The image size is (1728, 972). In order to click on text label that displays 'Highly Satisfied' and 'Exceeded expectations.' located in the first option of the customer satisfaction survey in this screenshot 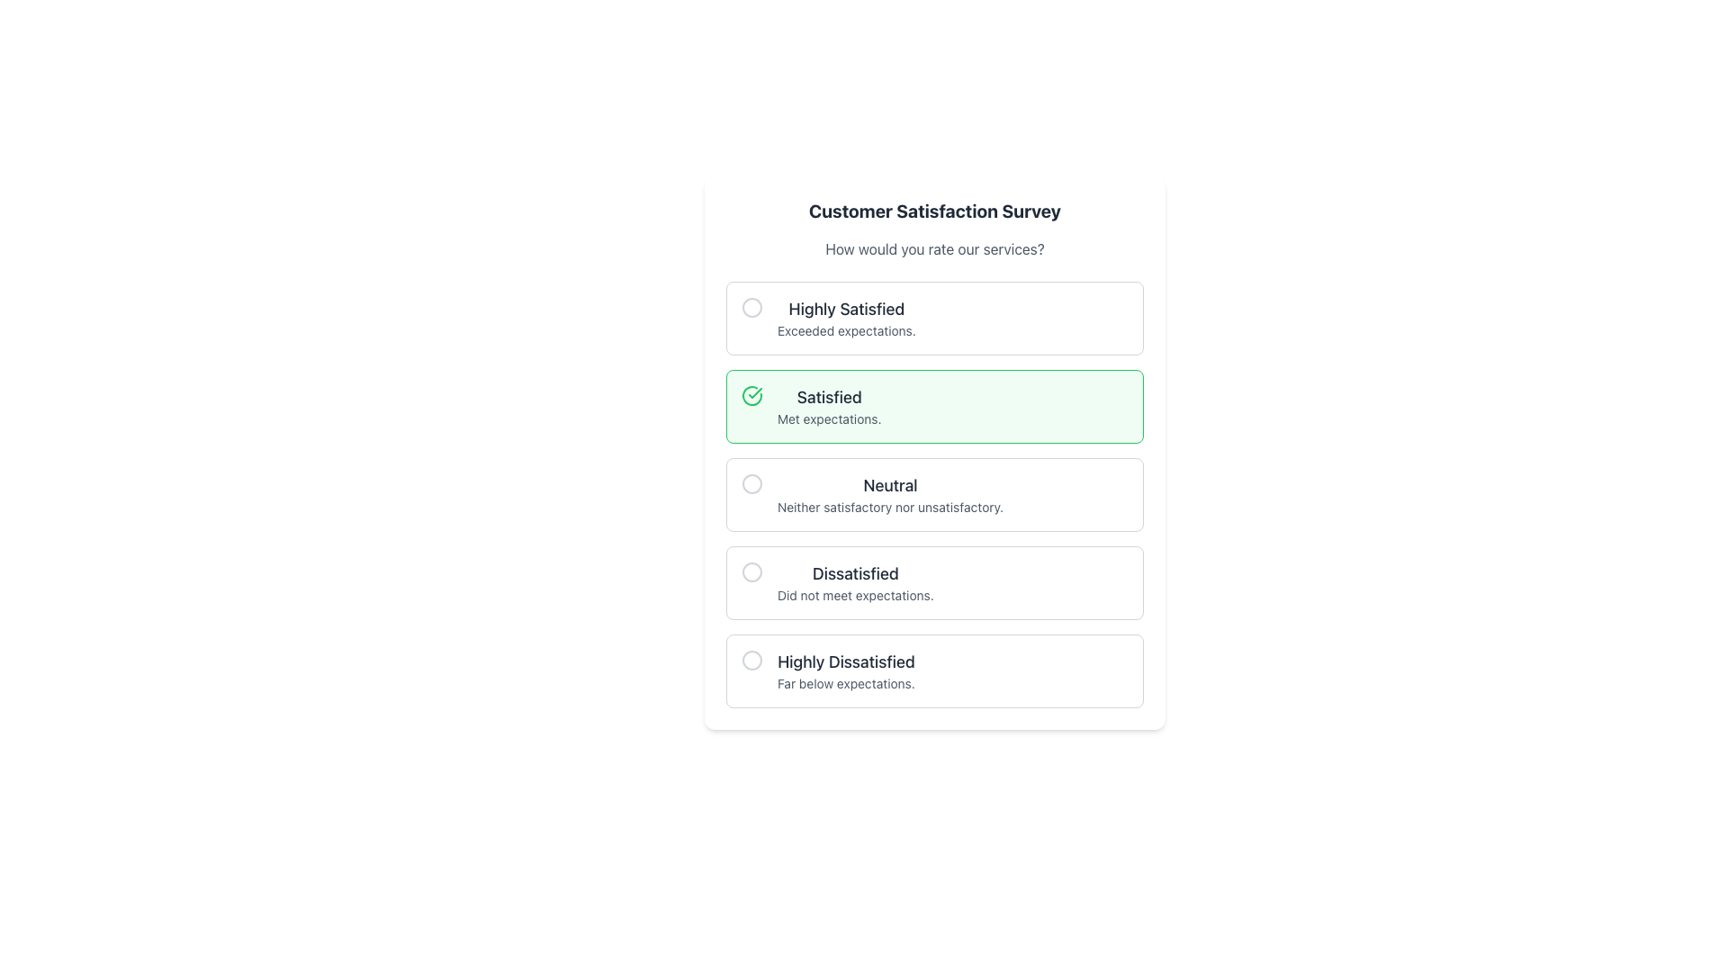, I will do `click(845, 318)`.